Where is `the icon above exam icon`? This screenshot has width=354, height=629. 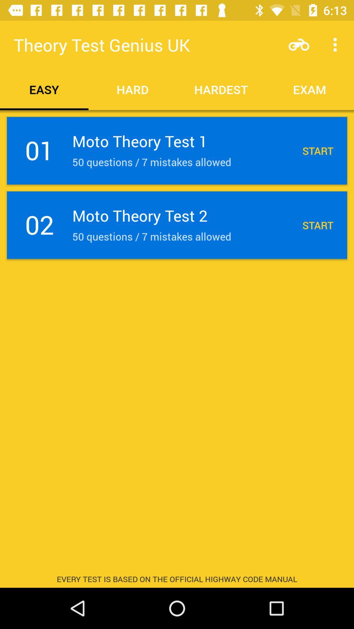
the icon above exam icon is located at coordinates (299, 44).